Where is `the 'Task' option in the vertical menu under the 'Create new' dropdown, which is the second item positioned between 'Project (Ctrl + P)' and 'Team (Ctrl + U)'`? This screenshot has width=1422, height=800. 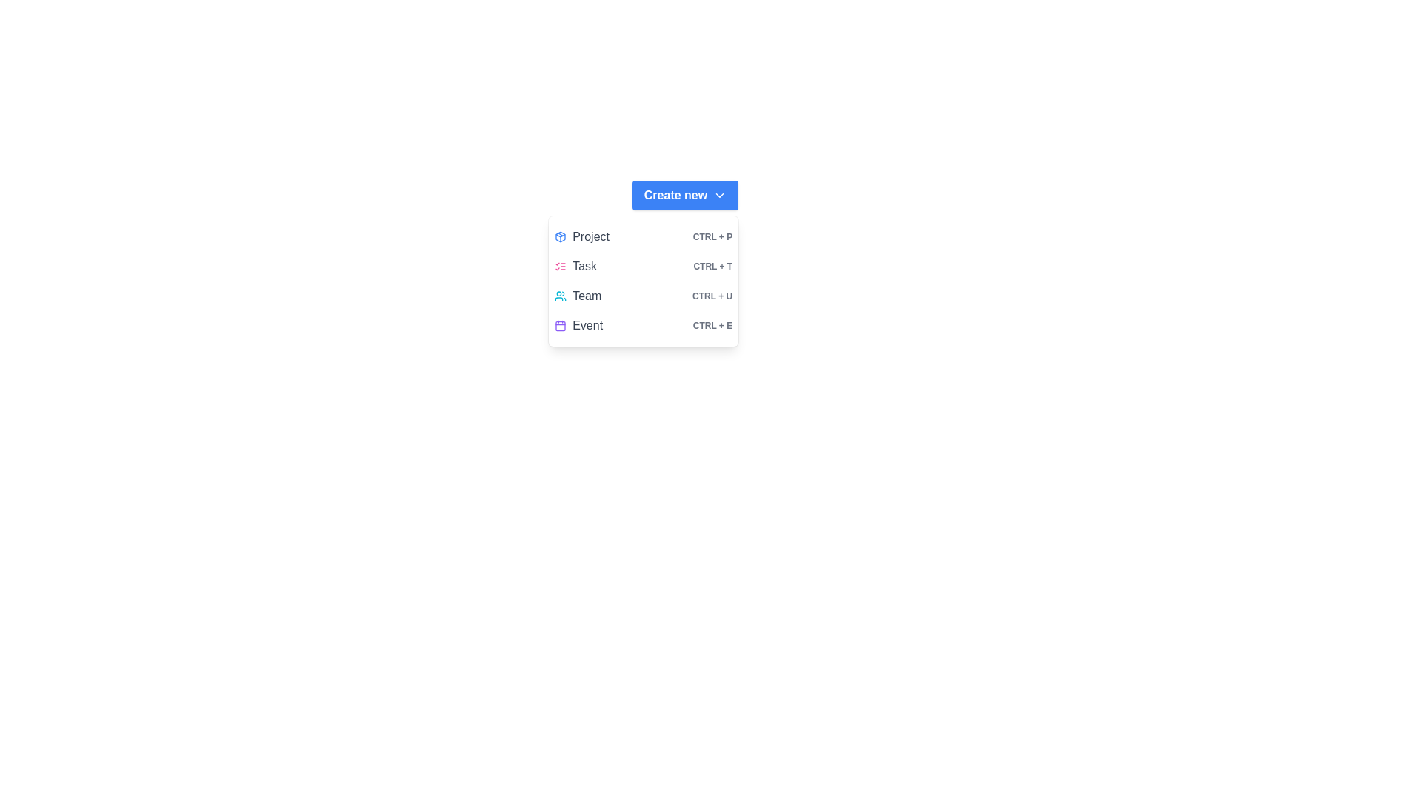
the 'Task' option in the vertical menu under the 'Create new' dropdown, which is the second item positioned between 'Project (Ctrl + P)' and 'Team (Ctrl + U)' is located at coordinates (644, 265).